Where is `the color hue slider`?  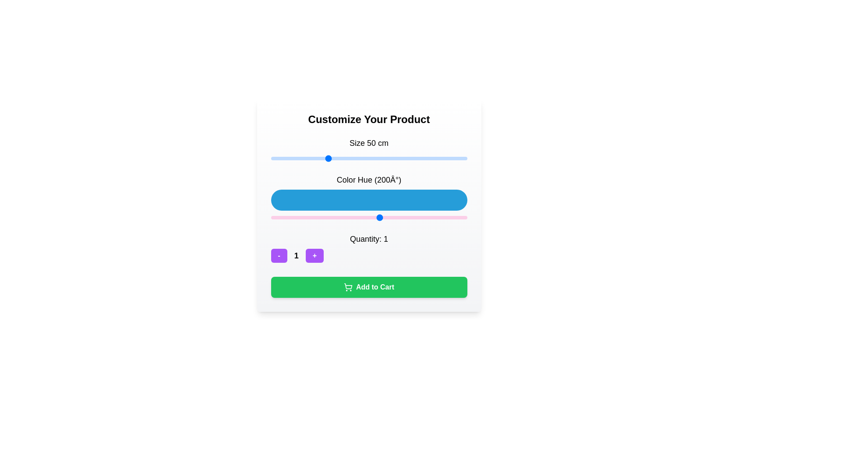
the color hue slider is located at coordinates (390, 217).